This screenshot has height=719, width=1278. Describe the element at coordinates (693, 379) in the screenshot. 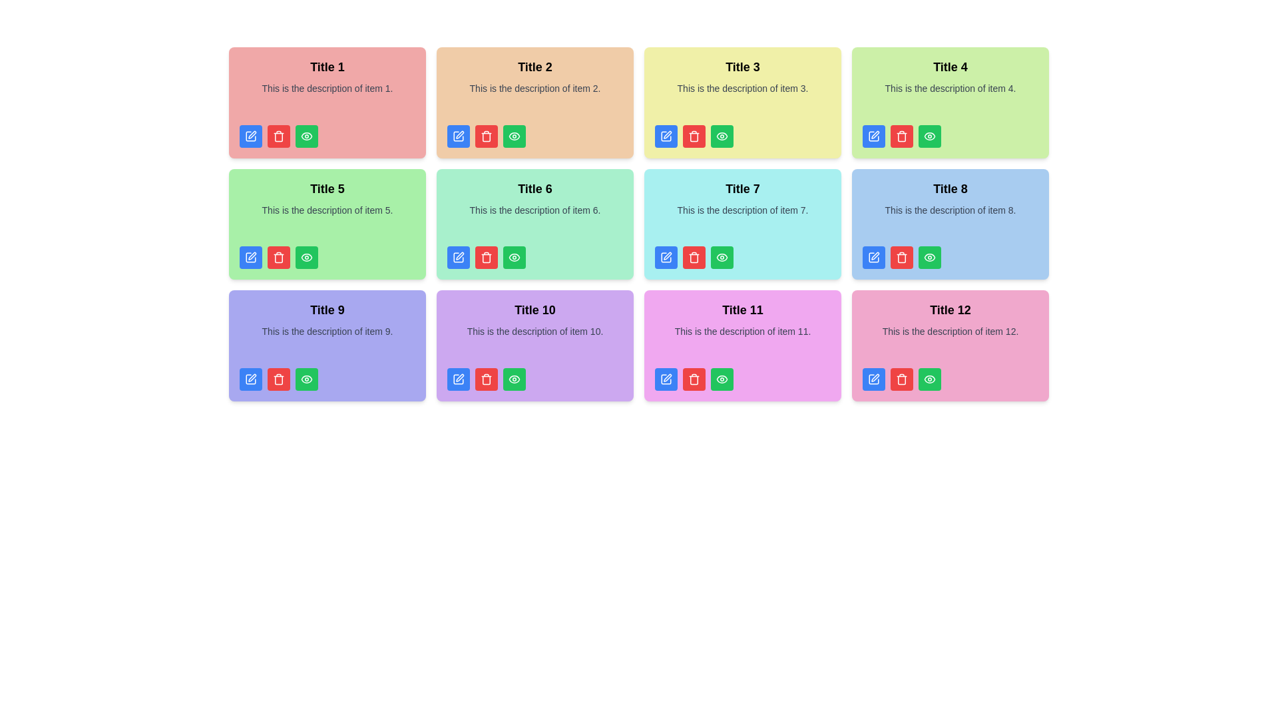

I see `the red trash bin icon, which is the second icon from the left in the icon group of the card labeled 'Title 11'` at that location.